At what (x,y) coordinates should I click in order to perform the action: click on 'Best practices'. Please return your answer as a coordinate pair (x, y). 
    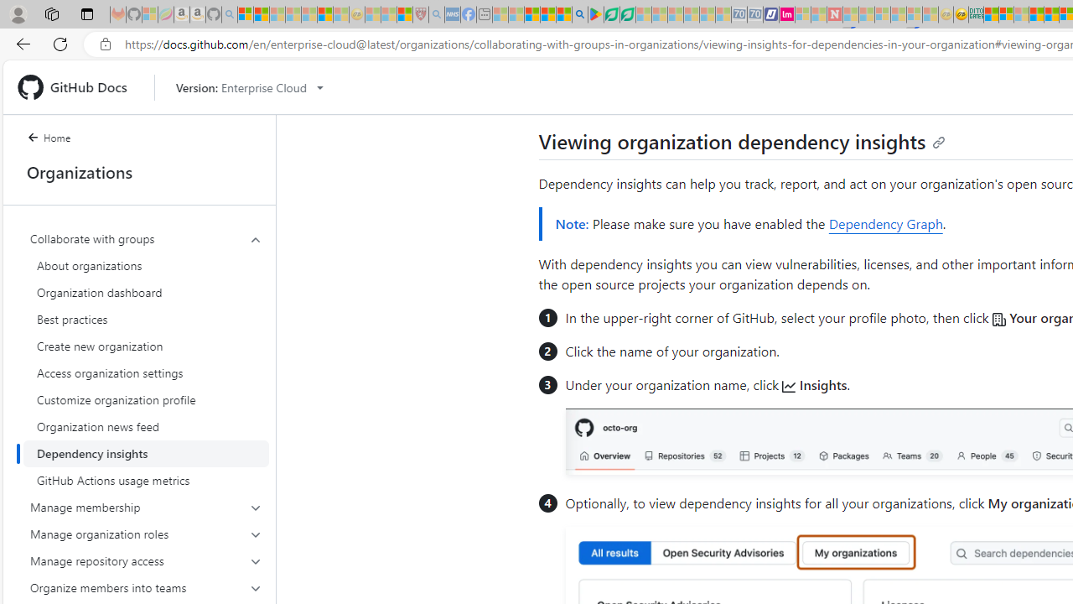
    Looking at the image, I should click on (146, 319).